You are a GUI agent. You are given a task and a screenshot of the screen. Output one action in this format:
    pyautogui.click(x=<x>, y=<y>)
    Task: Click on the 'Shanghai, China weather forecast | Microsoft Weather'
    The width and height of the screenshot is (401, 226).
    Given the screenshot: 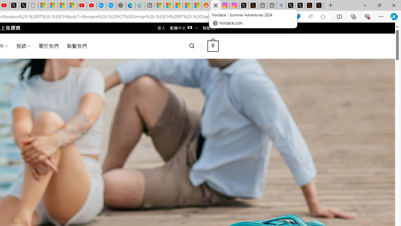 What is the action you would take?
    pyautogui.click(x=169, y=5)
    